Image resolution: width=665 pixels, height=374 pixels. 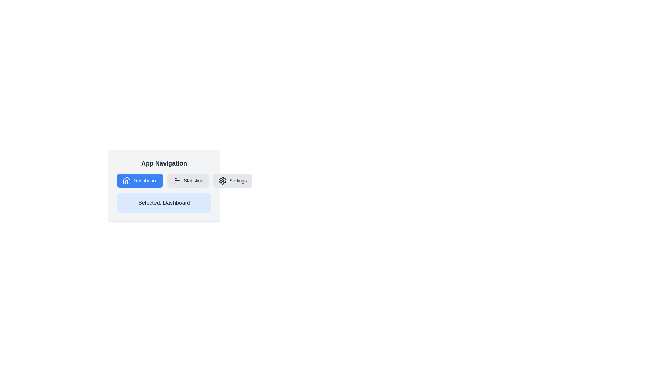 I want to click on the 'Dashboard' icon, which is located to the left of the text label 'Dashboard' in the primary navigation section of the interface, so click(x=126, y=180).